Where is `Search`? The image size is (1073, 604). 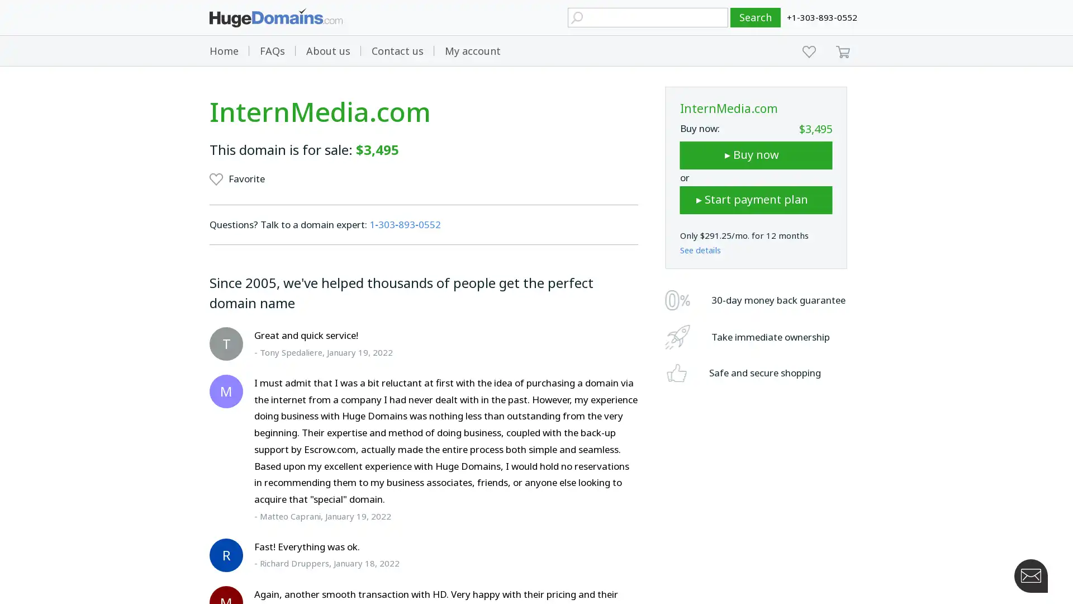 Search is located at coordinates (756, 17).